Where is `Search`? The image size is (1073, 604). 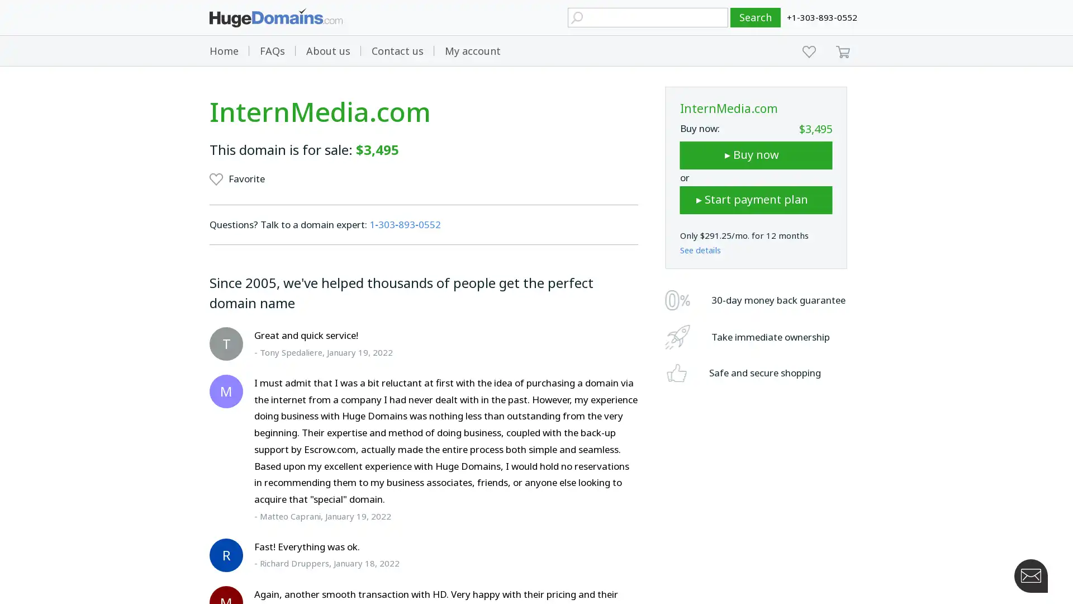 Search is located at coordinates (756, 17).